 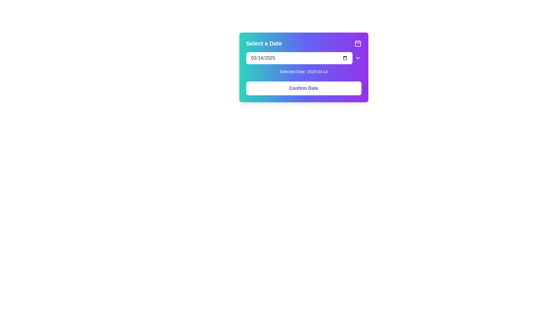 I want to click on the rounded rectangle shape with a purple fill located inside the calendar icon in the top-right corner of the modal dialog, so click(x=357, y=43).